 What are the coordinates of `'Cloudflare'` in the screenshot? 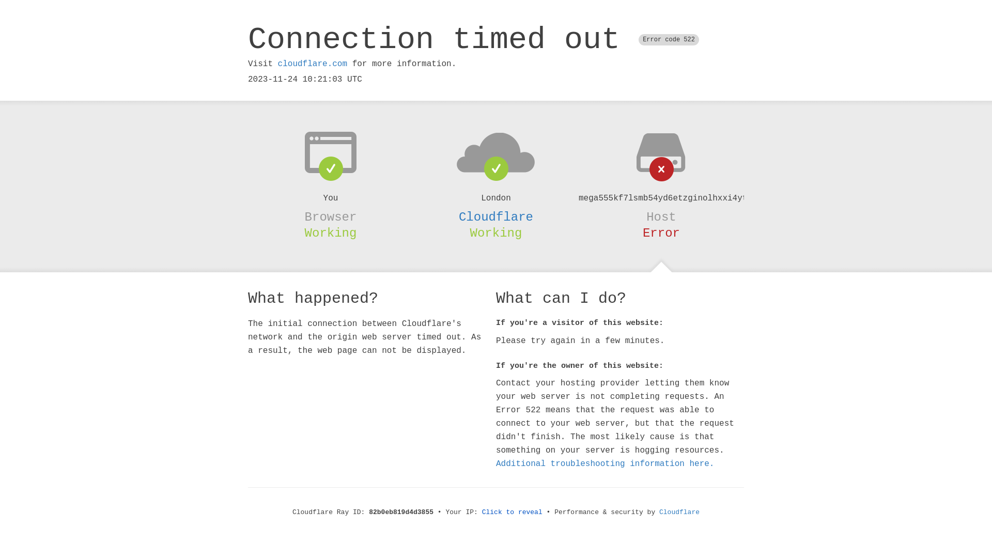 It's located at (458, 216).